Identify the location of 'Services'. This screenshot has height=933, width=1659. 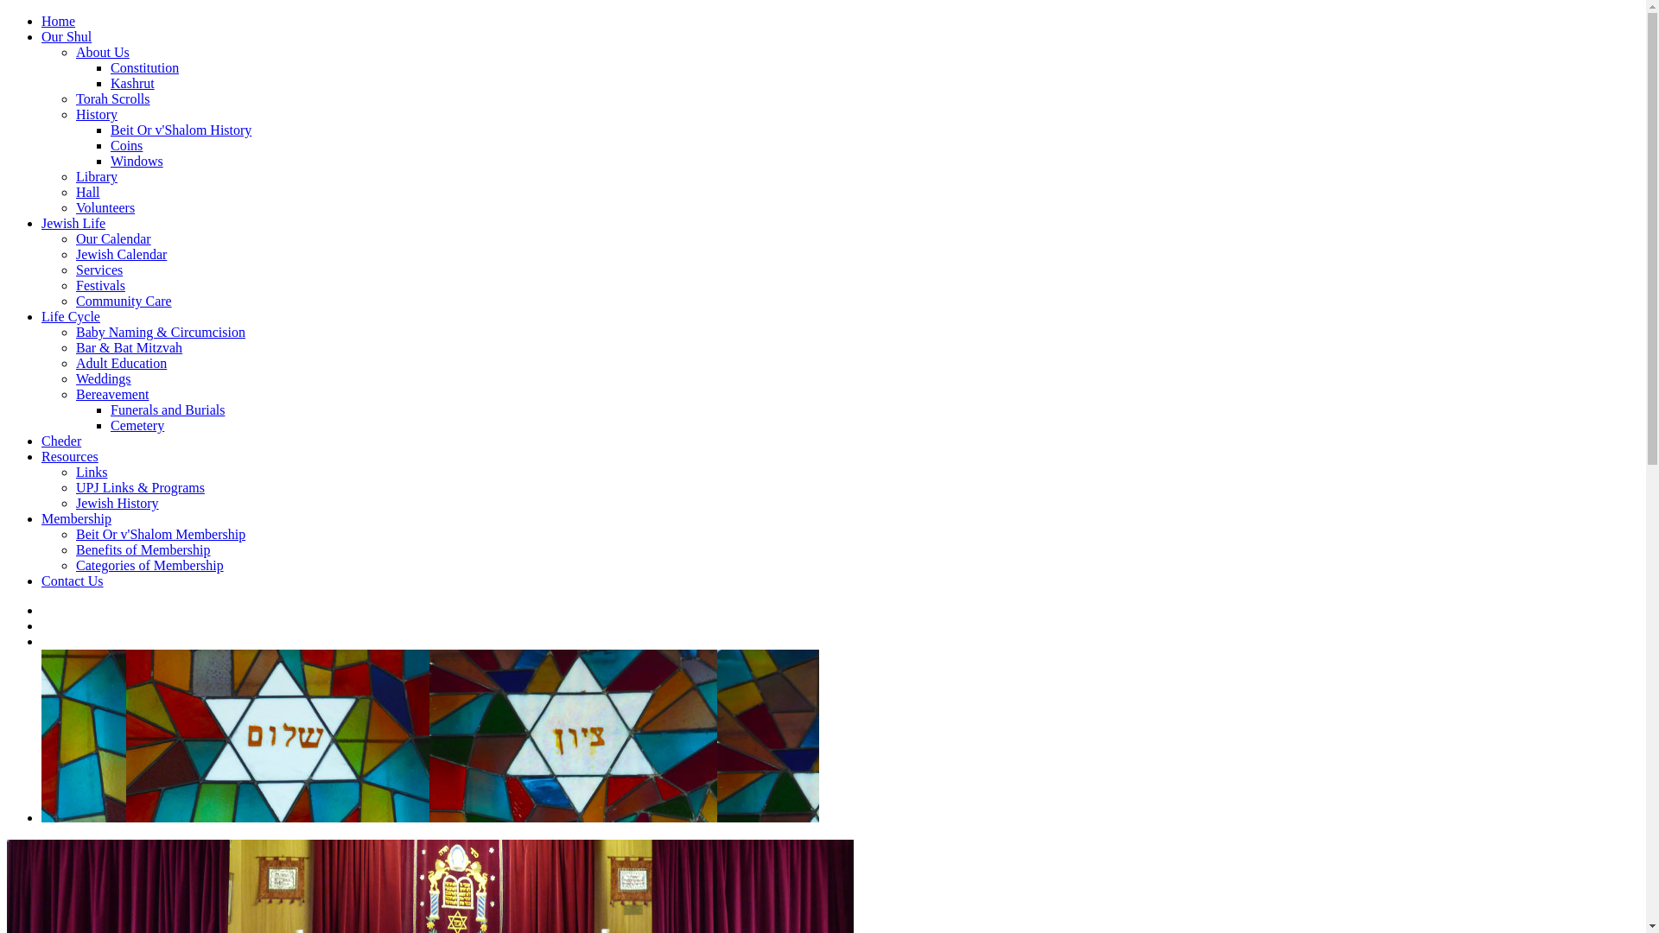
(74, 270).